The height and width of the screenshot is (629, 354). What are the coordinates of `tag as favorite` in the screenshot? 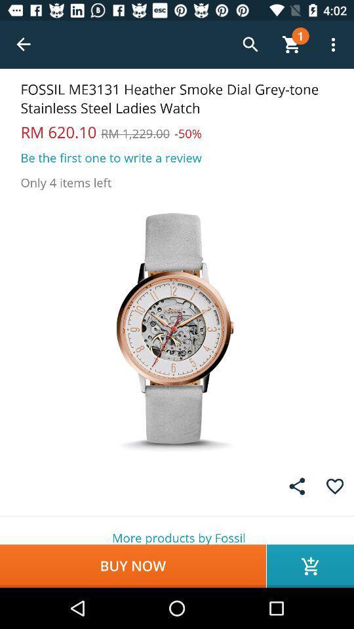 It's located at (335, 486).